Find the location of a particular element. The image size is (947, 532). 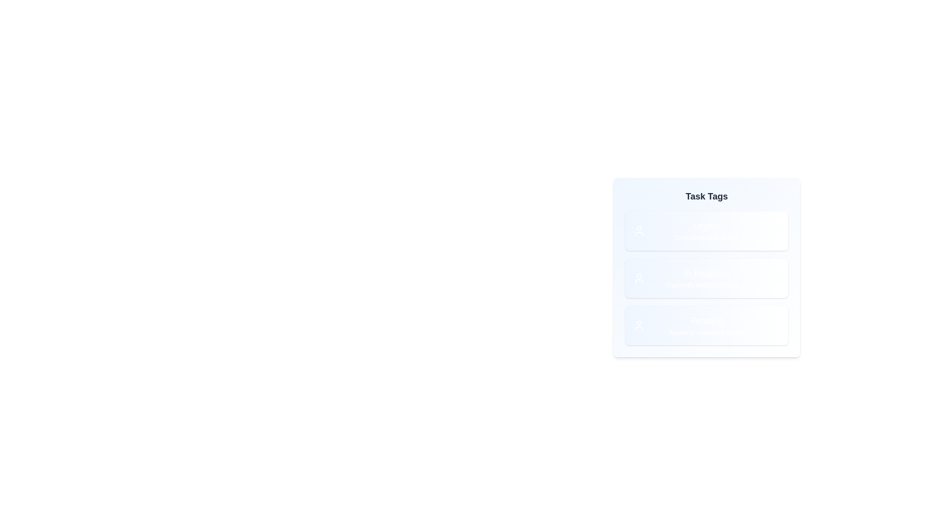

the delete icon of the tag labeled In Progress is located at coordinates (773, 278).